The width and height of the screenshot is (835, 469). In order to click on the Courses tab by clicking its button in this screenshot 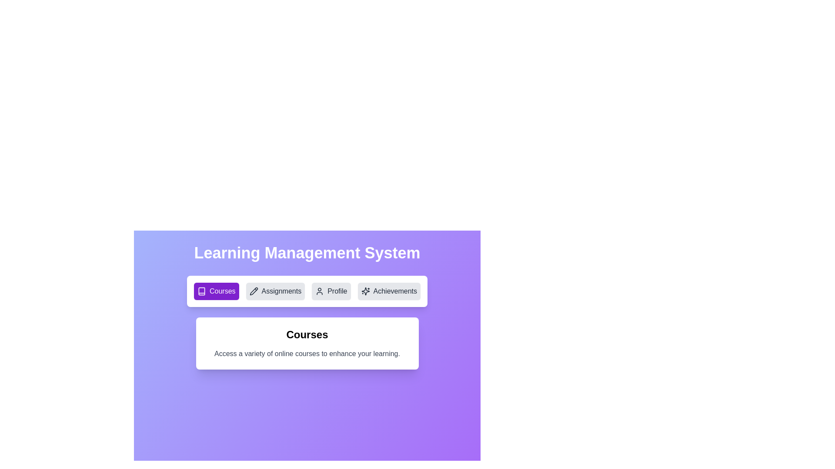, I will do `click(216, 291)`.